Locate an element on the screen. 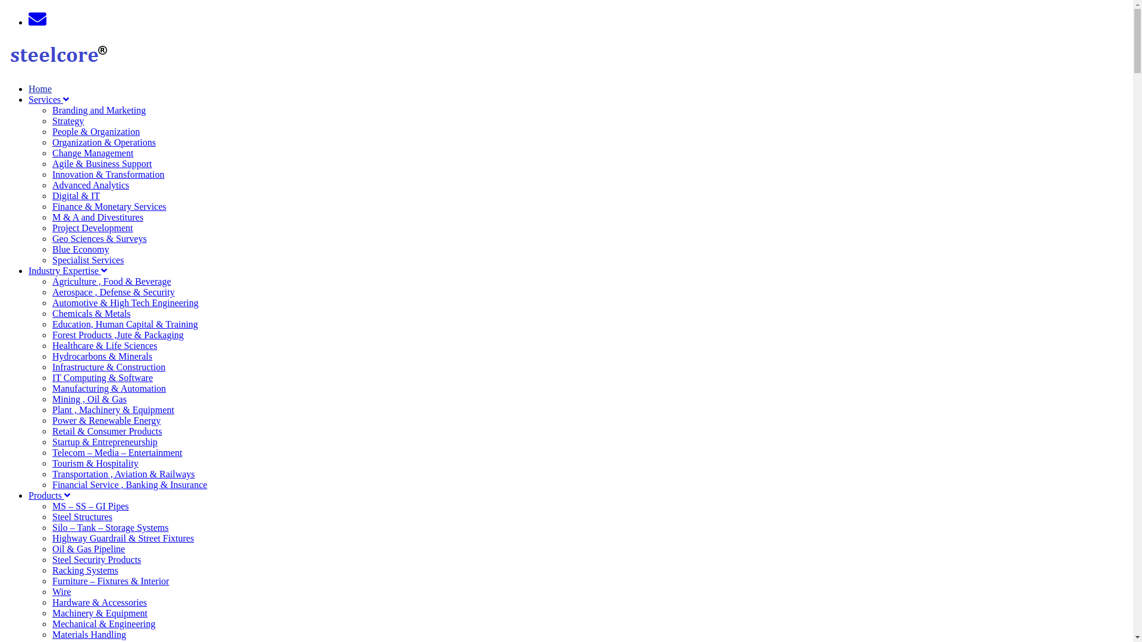  'Retail & Consumer Products' is located at coordinates (107, 431).